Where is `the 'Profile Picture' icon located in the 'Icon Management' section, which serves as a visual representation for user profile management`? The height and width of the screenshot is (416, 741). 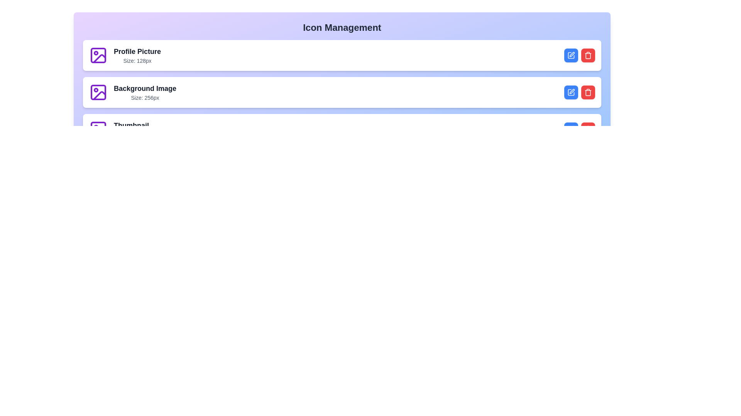 the 'Profile Picture' icon located in the 'Icon Management' section, which serves as a visual representation for user profile management is located at coordinates (98, 55).